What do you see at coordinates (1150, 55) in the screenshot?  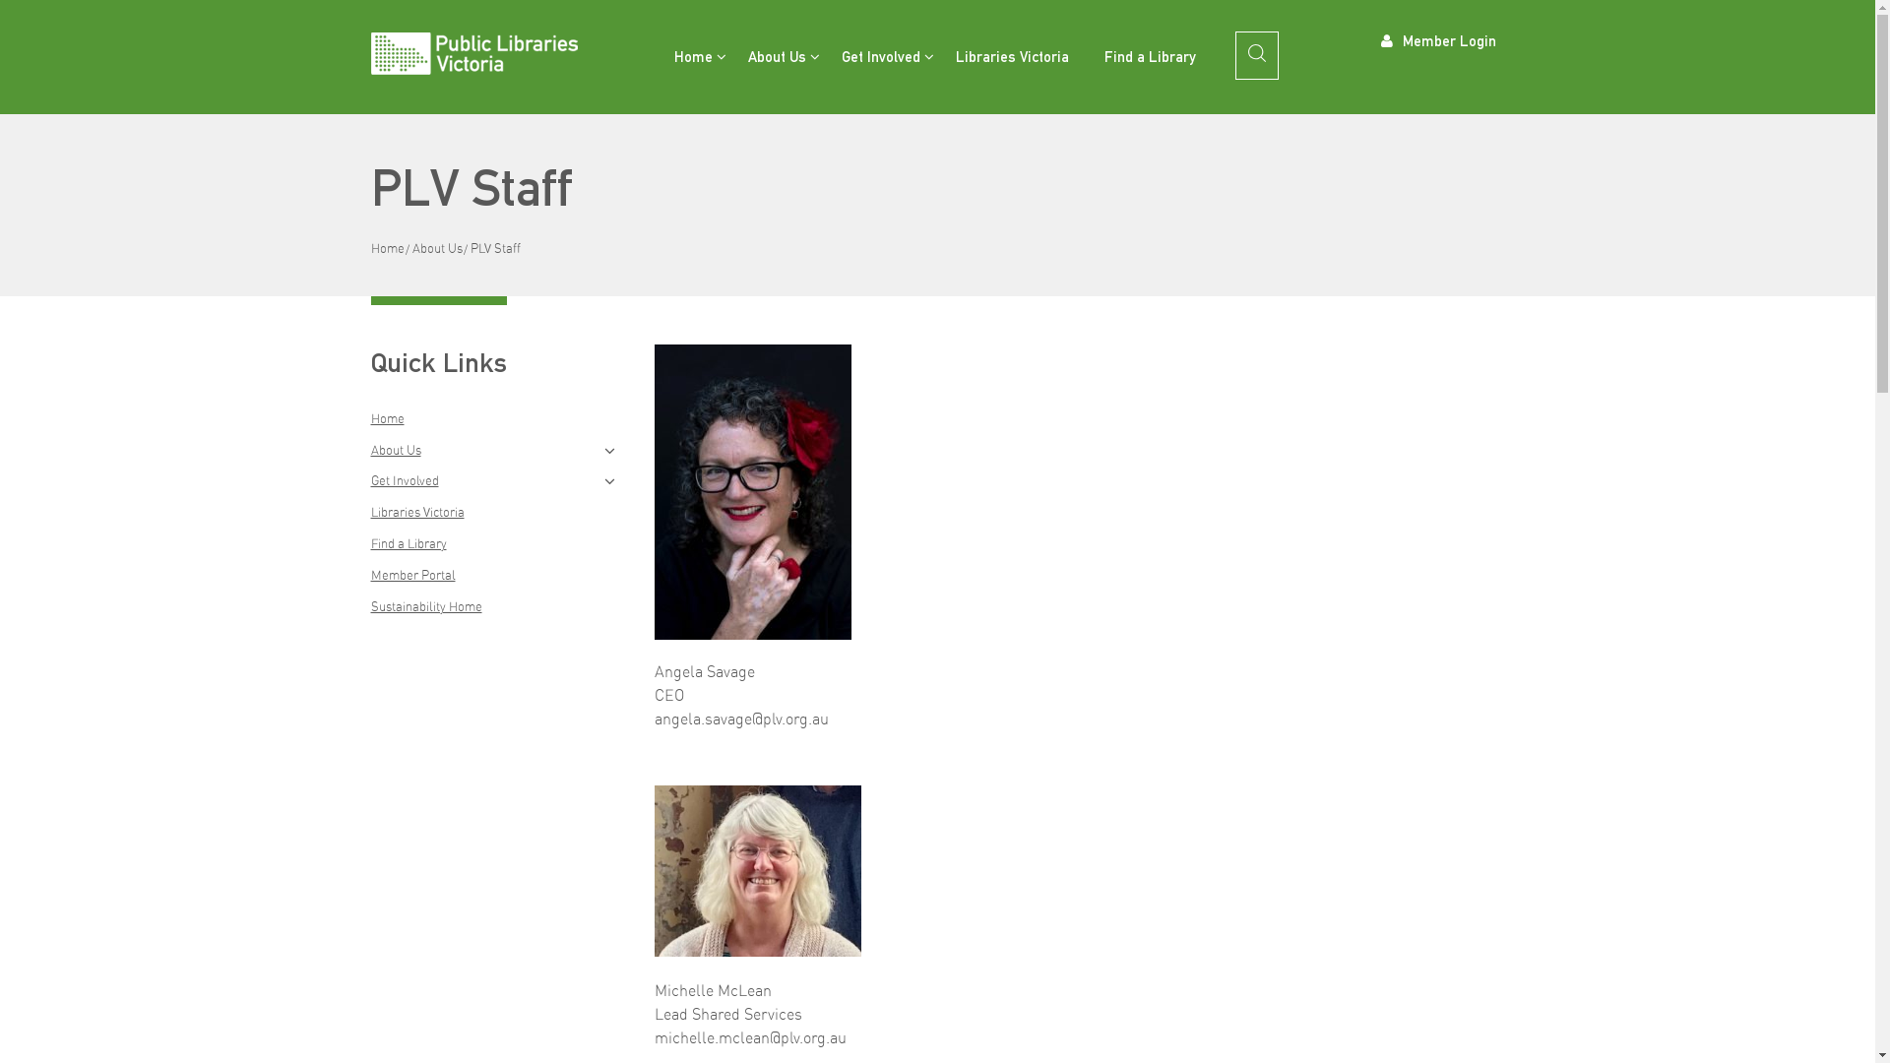 I see `'Find a Library'` at bounding box center [1150, 55].